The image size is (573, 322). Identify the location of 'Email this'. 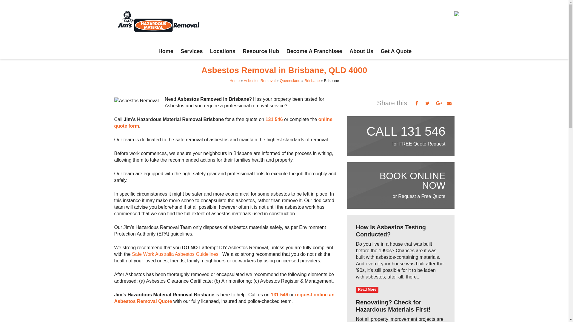
(449, 103).